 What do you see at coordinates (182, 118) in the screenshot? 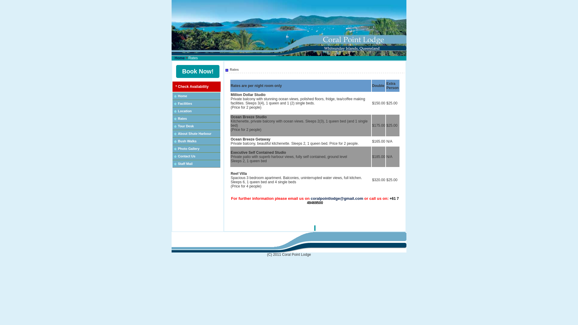
I see `'Rates'` at bounding box center [182, 118].